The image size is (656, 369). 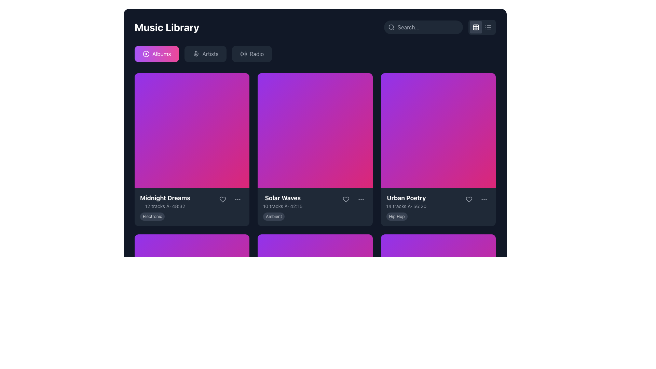 What do you see at coordinates (438, 131) in the screenshot?
I see `the decorative graphic or album cover placeholder located in the third card from the left in the top row of the music library grid, characterized by its distinctive gradient background transitioning from purple to pink` at bounding box center [438, 131].